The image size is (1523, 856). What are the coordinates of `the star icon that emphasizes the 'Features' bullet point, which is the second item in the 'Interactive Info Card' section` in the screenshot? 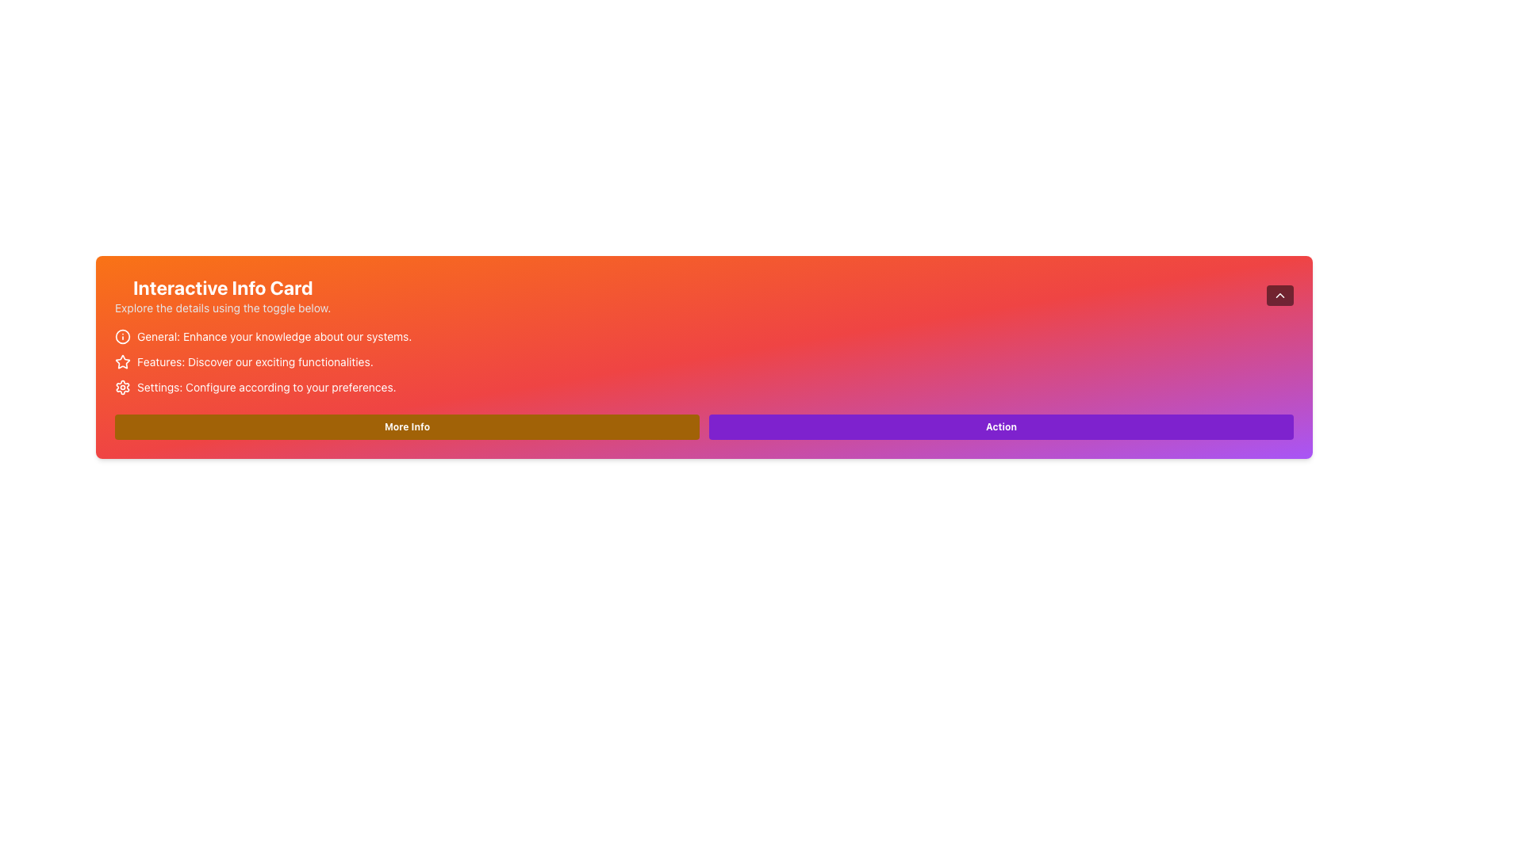 It's located at (121, 361).